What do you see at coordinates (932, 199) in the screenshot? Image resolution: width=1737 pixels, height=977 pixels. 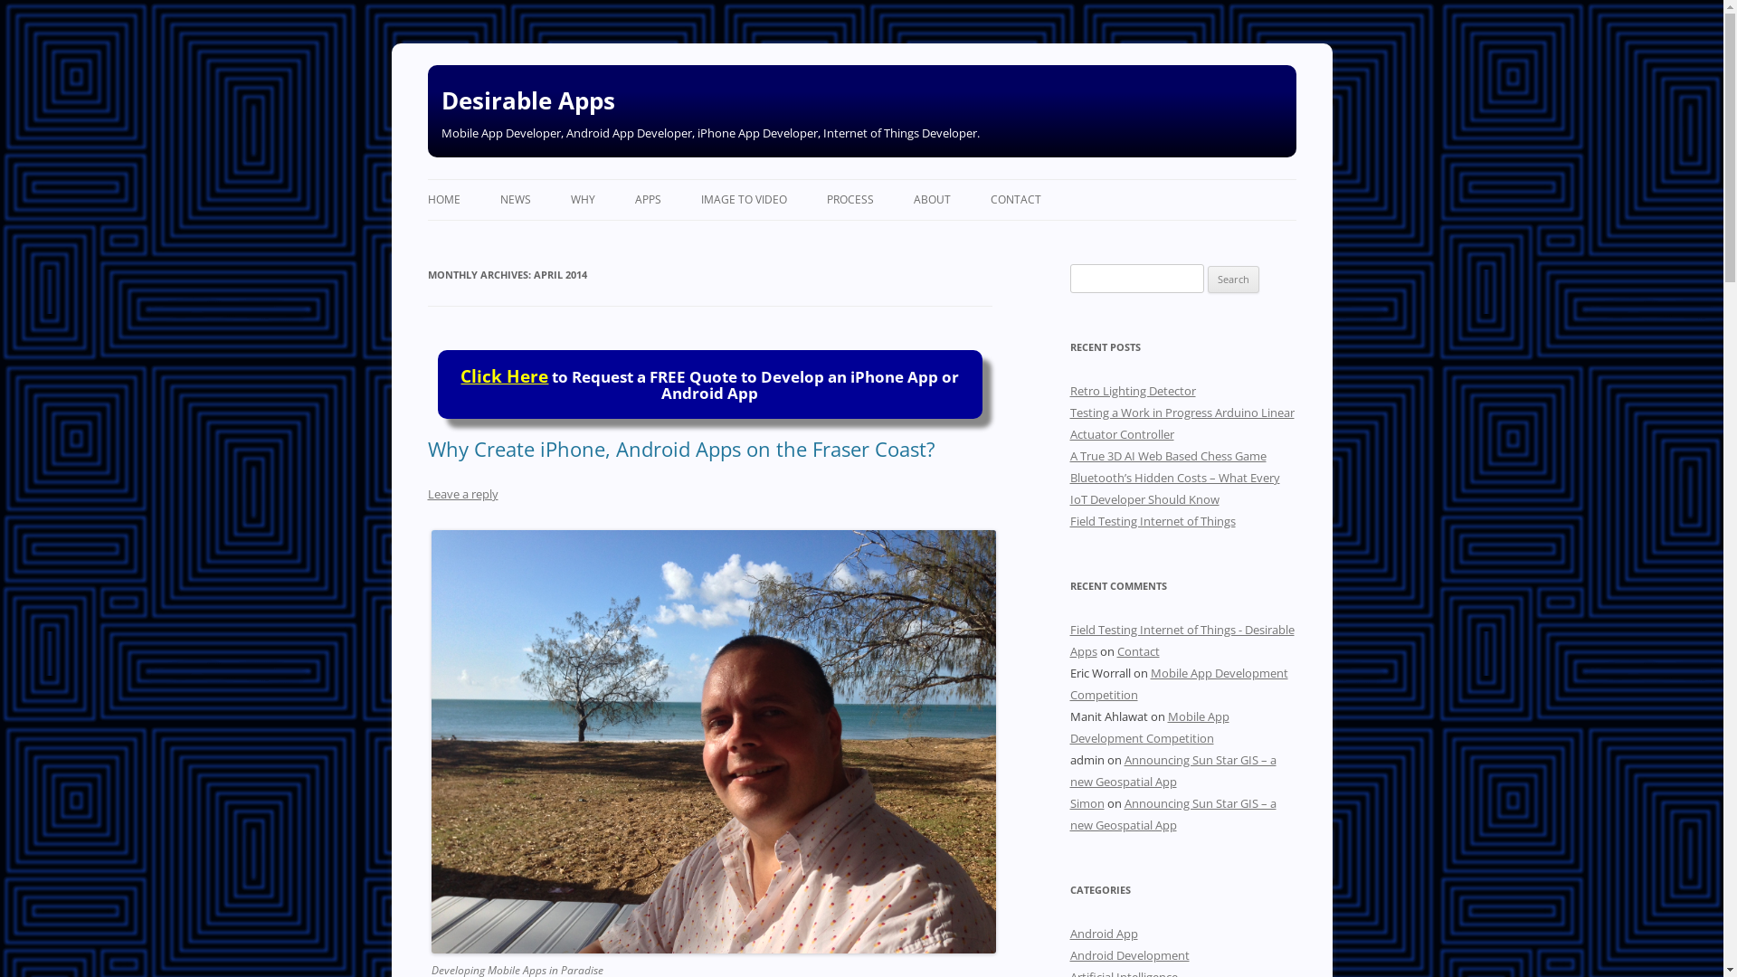 I see `'ABOUT'` at bounding box center [932, 199].